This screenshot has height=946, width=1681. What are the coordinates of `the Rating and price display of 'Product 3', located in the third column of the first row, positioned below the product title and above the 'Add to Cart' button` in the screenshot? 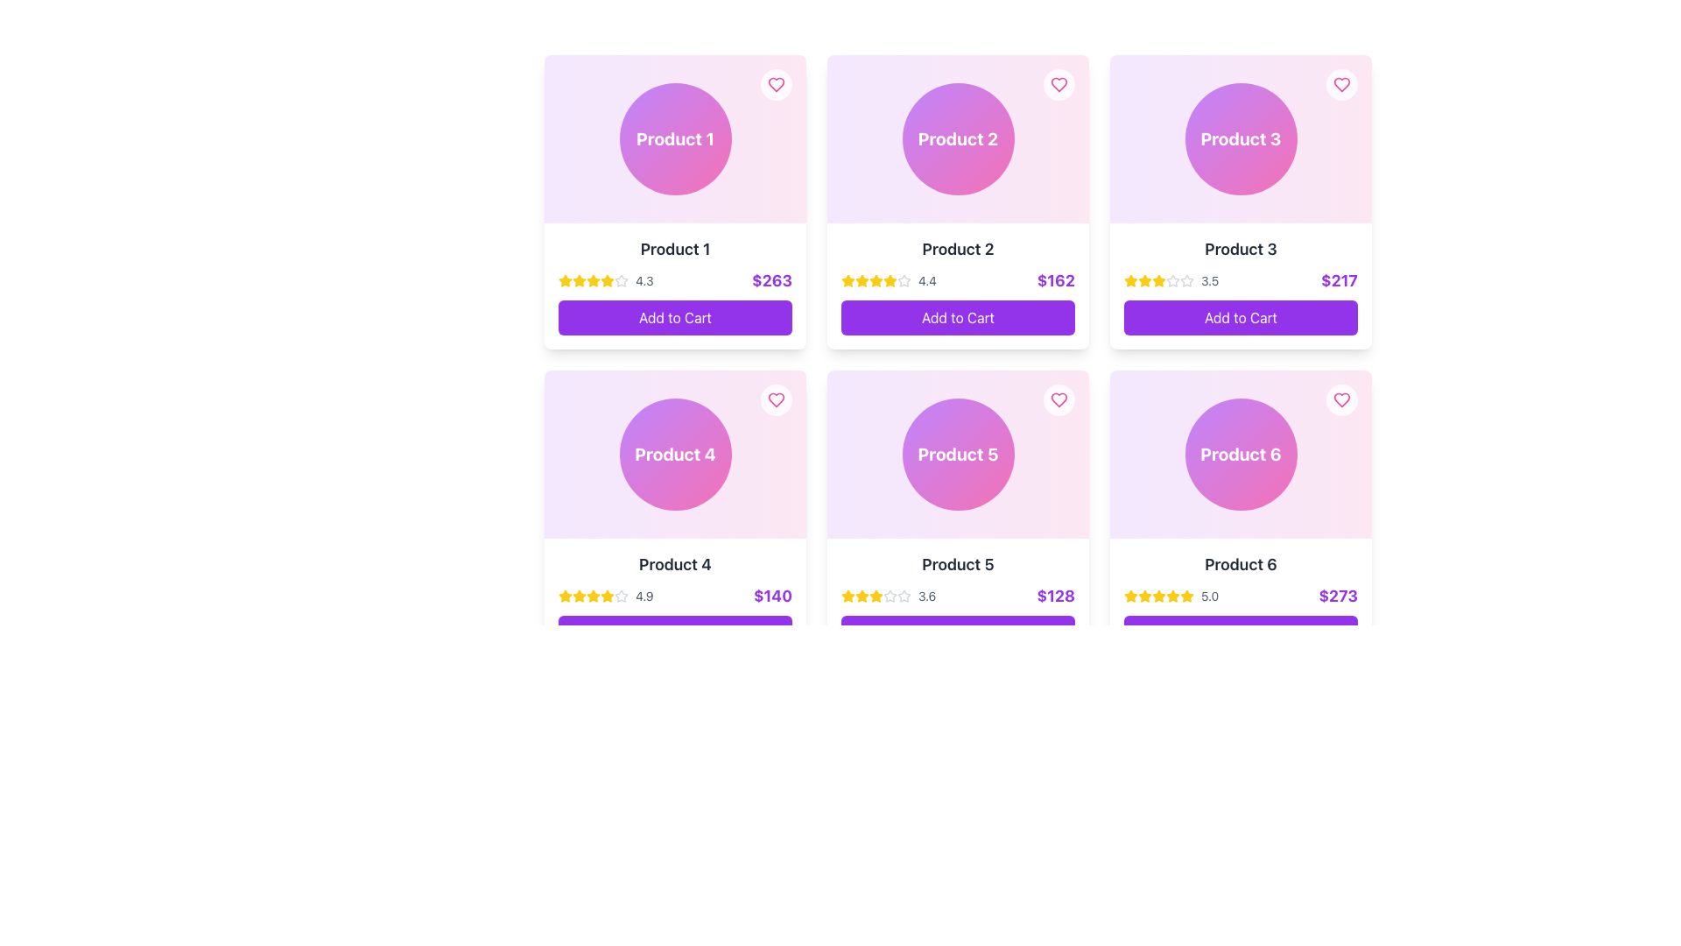 It's located at (1240, 279).